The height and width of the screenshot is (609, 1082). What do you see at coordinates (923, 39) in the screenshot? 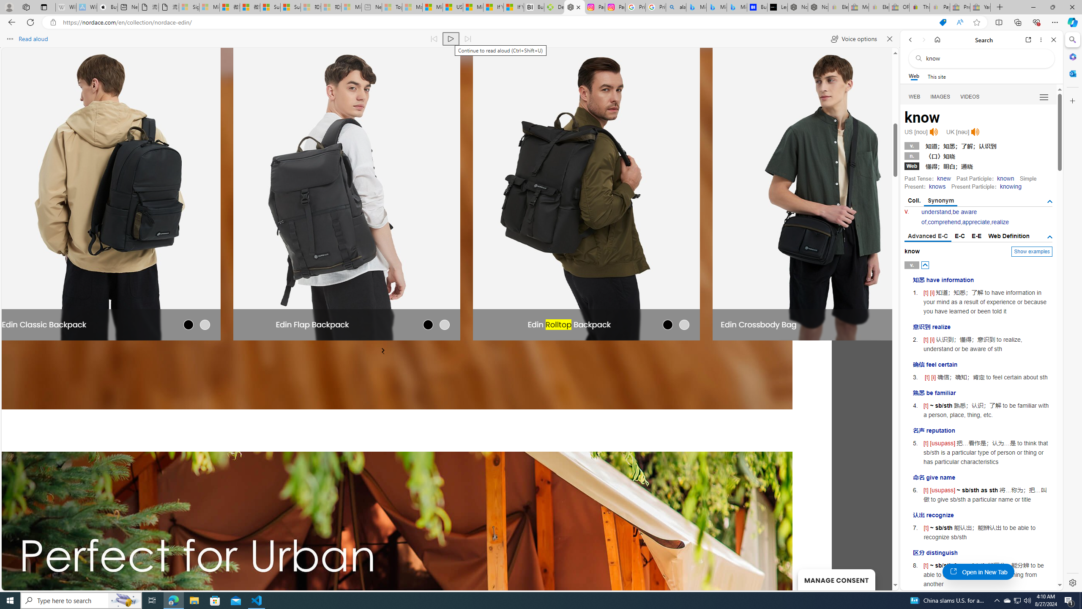
I see `'Forward'` at bounding box center [923, 39].